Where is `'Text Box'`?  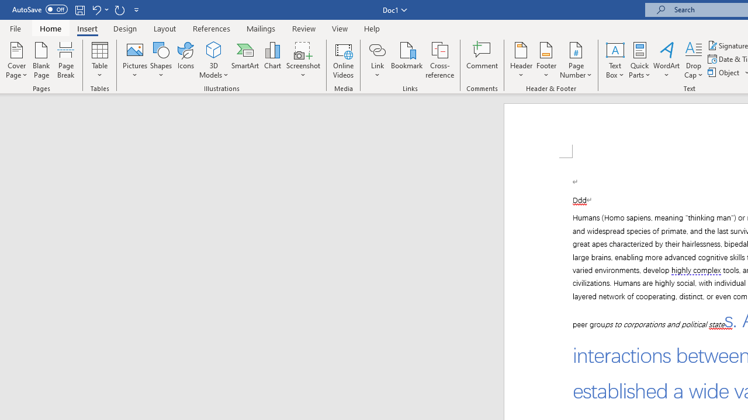 'Text Box' is located at coordinates (614, 60).